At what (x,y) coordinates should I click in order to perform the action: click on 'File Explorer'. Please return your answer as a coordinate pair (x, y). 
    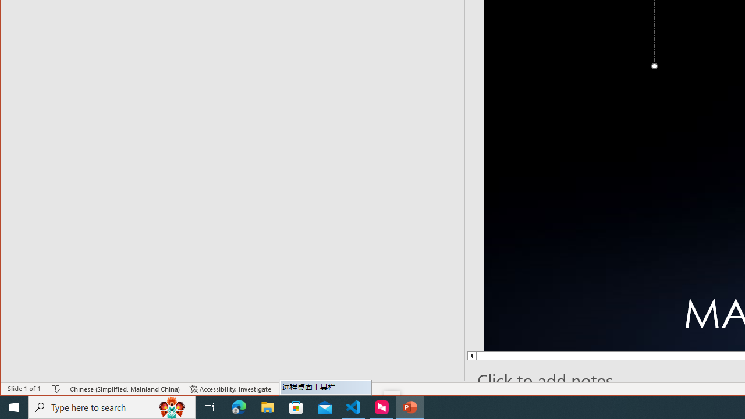
    Looking at the image, I should click on (267, 406).